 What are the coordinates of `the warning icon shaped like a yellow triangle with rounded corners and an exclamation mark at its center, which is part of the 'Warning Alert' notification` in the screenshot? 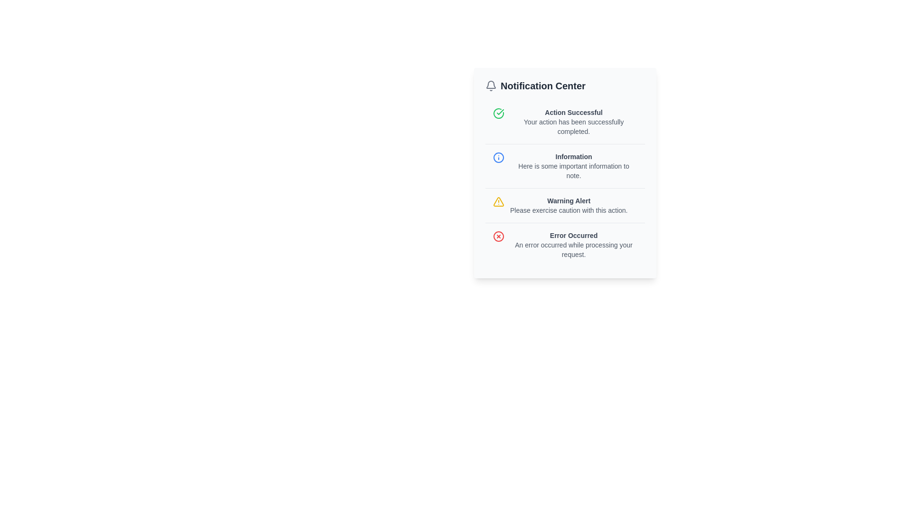 It's located at (498, 201).